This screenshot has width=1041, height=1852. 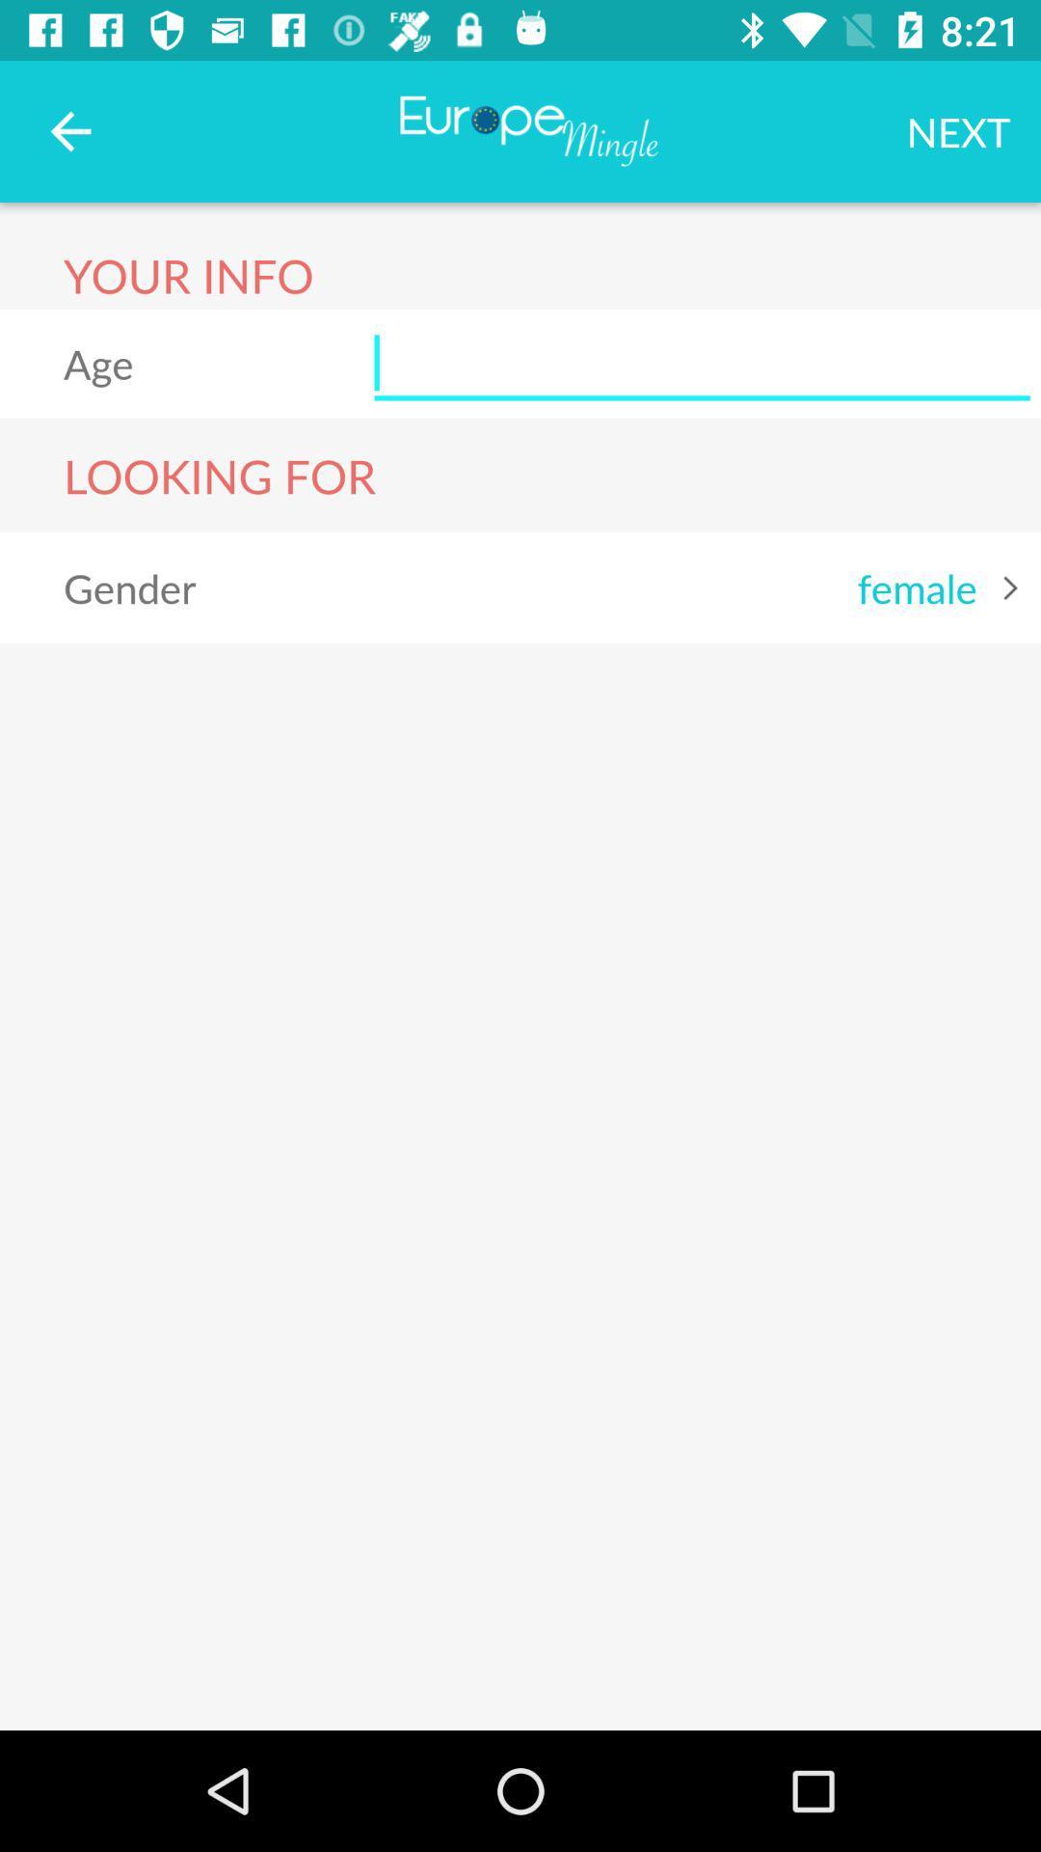 I want to click on the item above the your info, so click(x=69, y=130).